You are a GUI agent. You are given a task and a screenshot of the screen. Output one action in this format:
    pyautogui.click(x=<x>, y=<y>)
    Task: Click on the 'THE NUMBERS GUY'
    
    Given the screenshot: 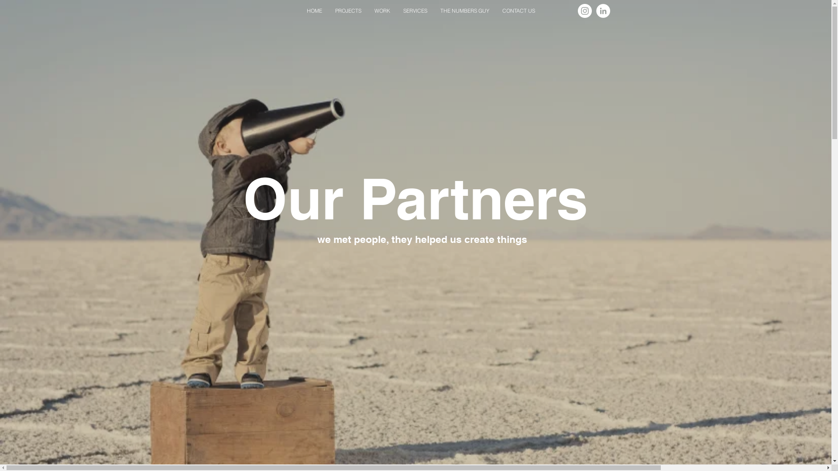 What is the action you would take?
    pyautogui.click(x=464, y=10)
    